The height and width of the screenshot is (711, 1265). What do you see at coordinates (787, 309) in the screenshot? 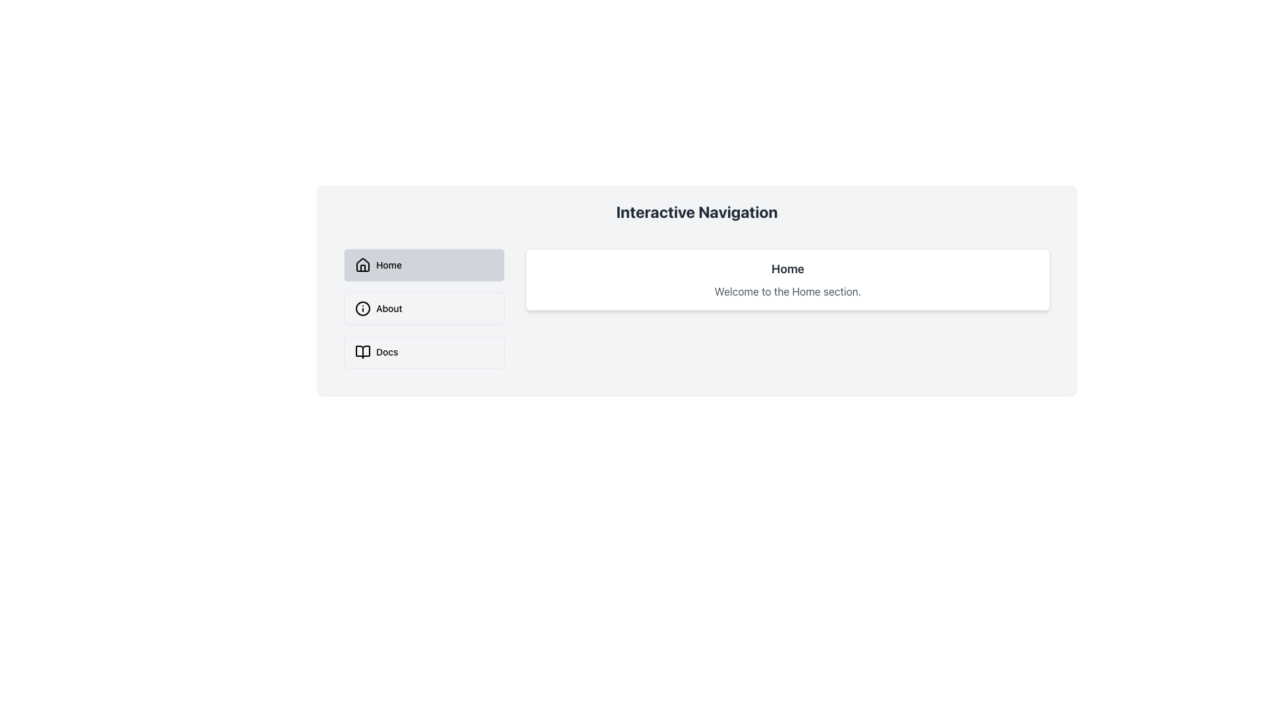
I see `displayed information from the Text block titled 'Home' which contains the description 'Welcome to the Home section.'` at bounding box center [787, 309].